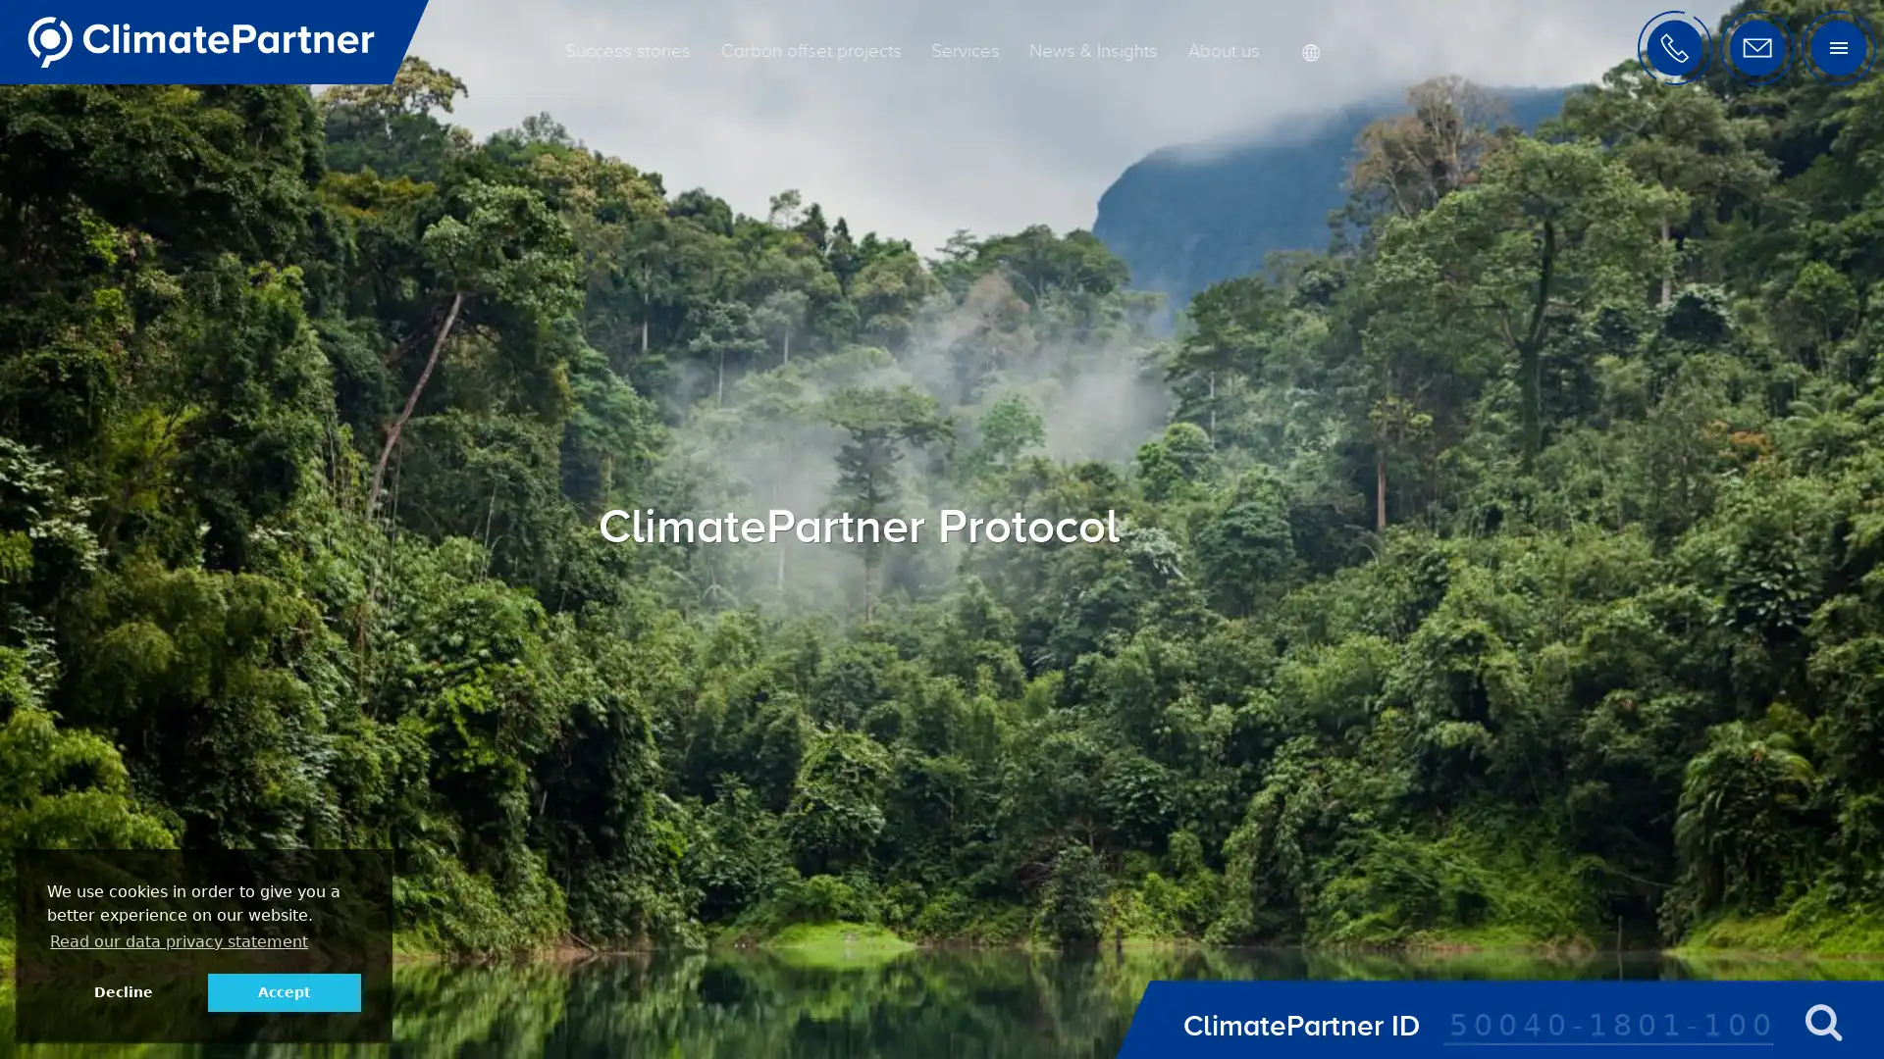 This screenshot has height=1059, width=1884. What do you see at coordinates (283, 991) in the screenshot?
I see `allow cookies` at bounding box center [283, 991].